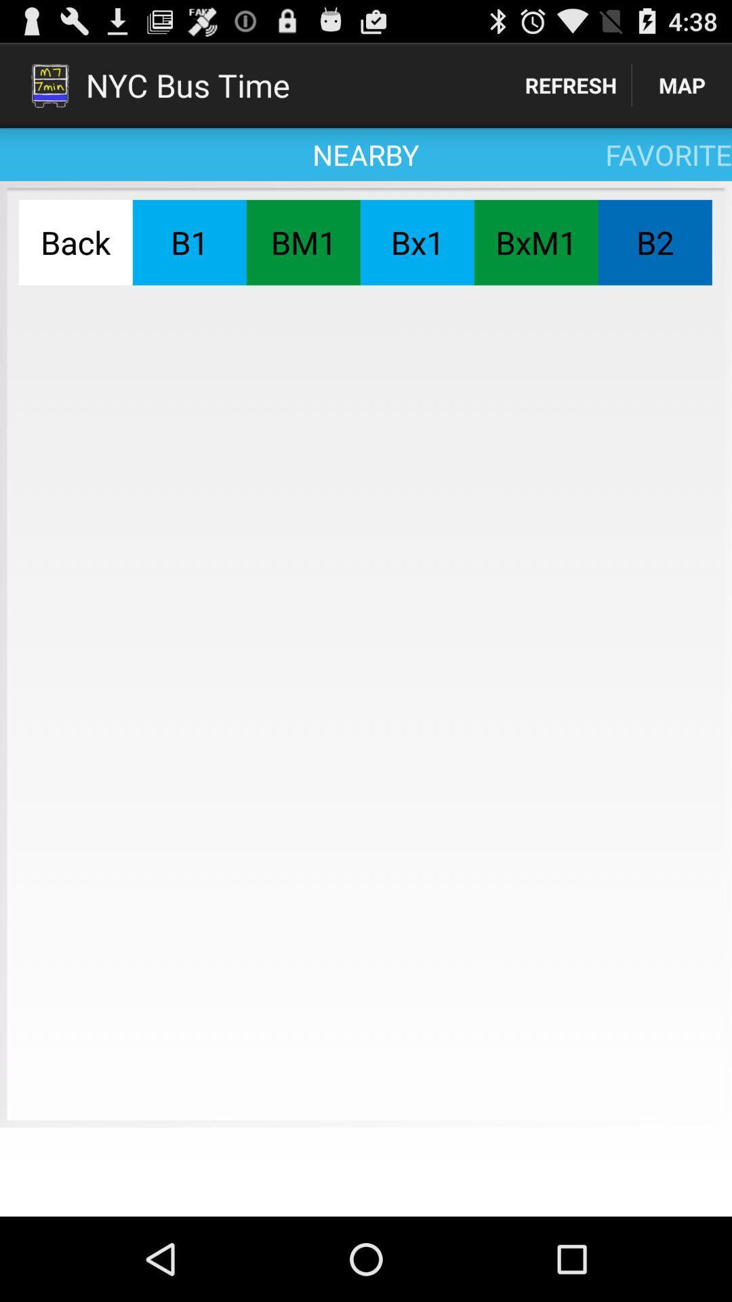 Image resolution: width=732 pixels, height=1302 pixels. Describe the element at coordinates (189, 242) in the screenshot. I see `the b1` at that location.